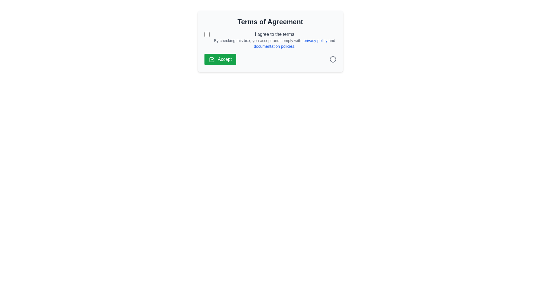 This screenshot has height=307, width=546. I want to click on the circular icon located at the bottom-right corner of the 'Terms of Agreement' section, which features a white background and a dark gray border, so click(333, 59).